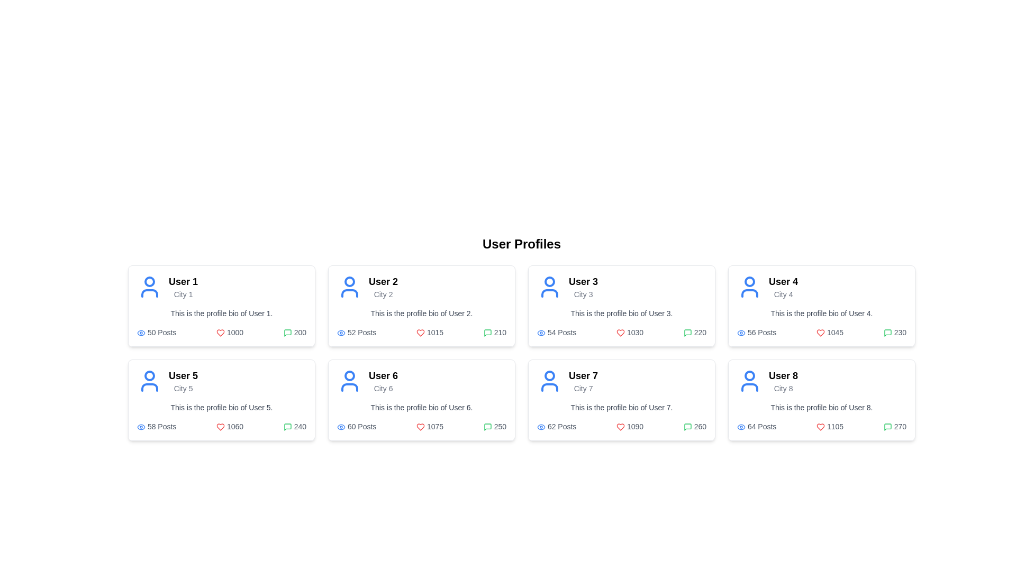  What do you see at coordinates (583, 389) in the screenshot?
I see `the static text label displaying 'City 7' for User 7, which is located in the second row, second column of the User 7 card, positioned below the 'User 7' heading and above the bio section` at bounding box center [583, 389].